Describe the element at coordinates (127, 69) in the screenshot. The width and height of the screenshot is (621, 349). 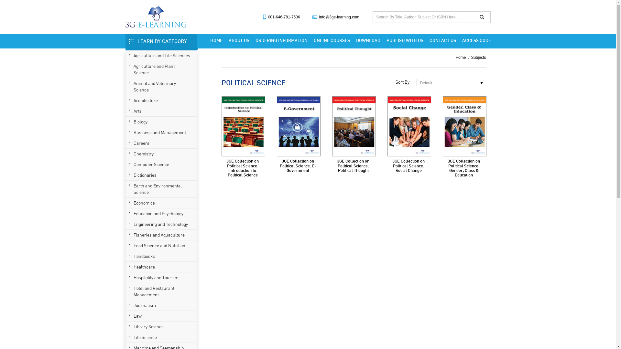
I see `'Agriculture and Plant Science'` at that location.